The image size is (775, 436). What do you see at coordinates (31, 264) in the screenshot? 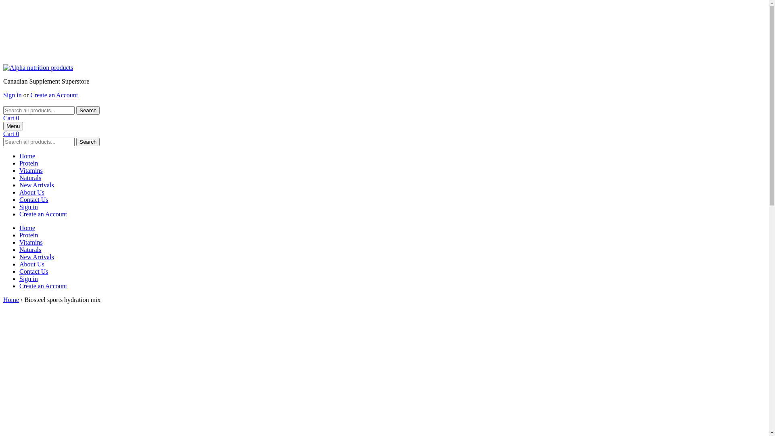
I see `'About Us'` at bounding box center [31, 264].